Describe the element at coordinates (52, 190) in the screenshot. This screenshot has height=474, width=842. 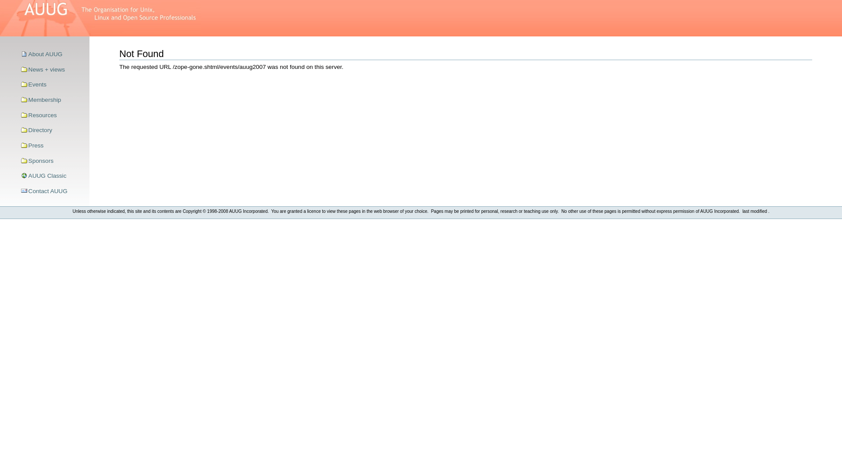
I see `'Contact AUUG'` at that location.